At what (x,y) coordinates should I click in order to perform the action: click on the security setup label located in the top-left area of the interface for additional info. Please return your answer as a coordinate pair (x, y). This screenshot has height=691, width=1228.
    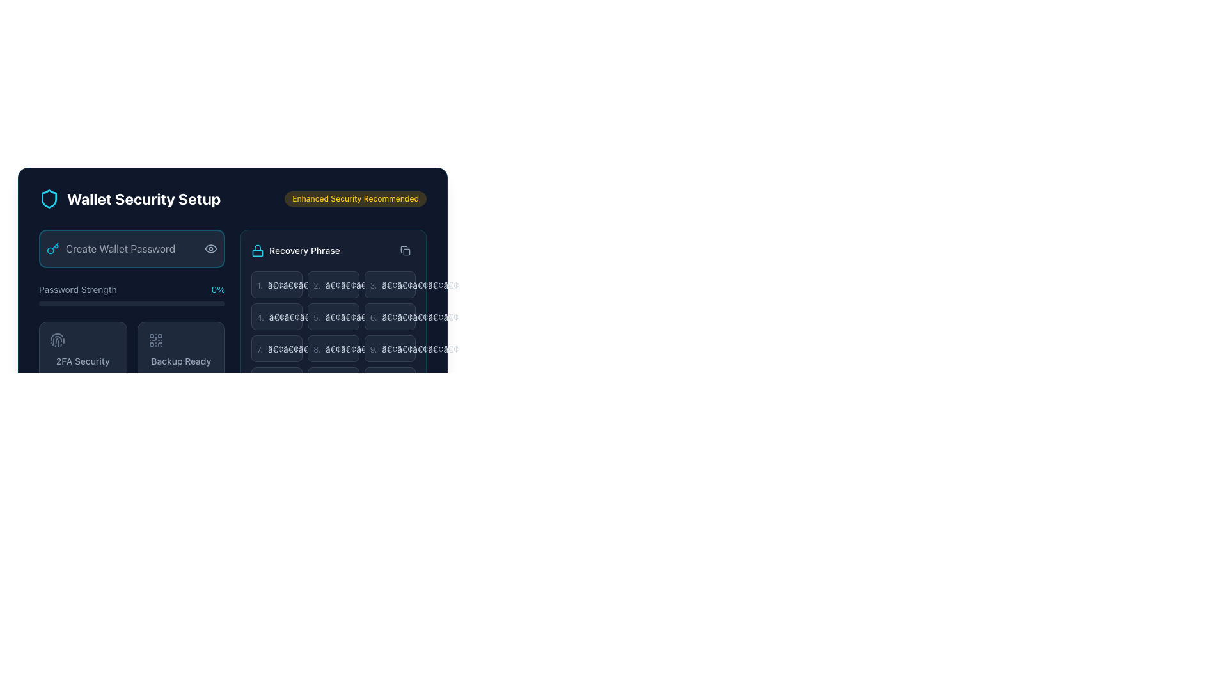
    Looking at the image, I should click on (130, 199).